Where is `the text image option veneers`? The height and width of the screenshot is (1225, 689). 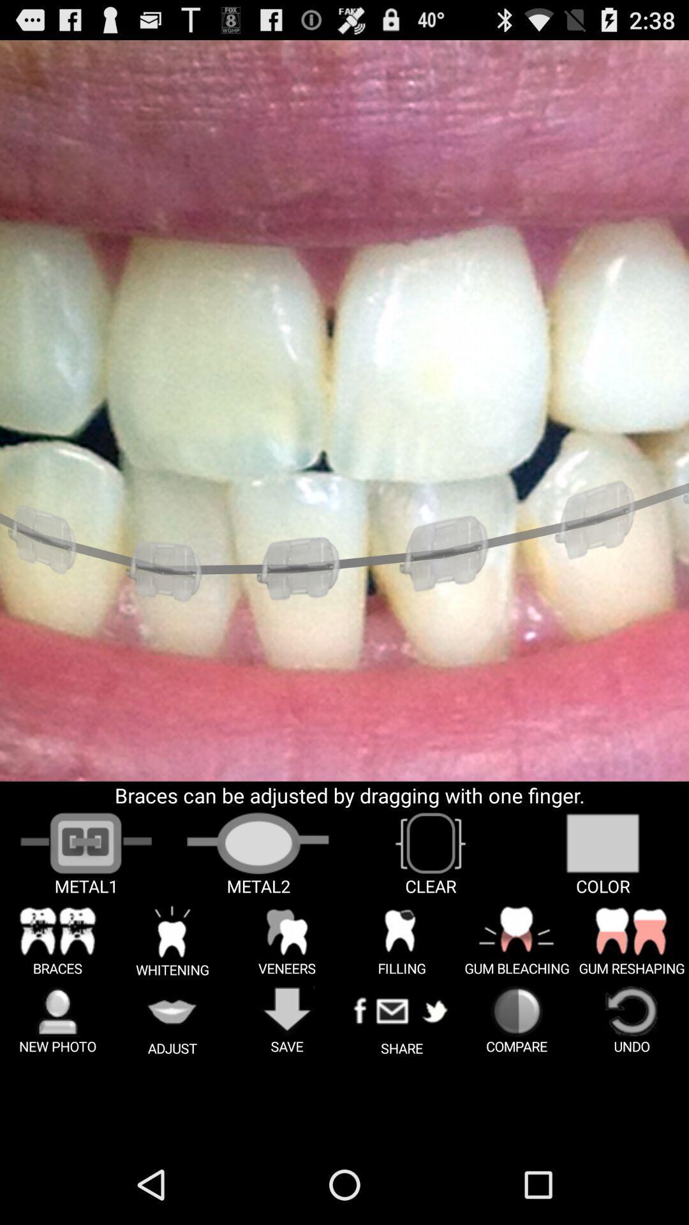
the text image option veneers is located at coordinates (287, 940).